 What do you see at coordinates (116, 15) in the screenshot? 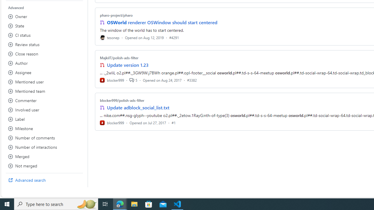
I see `'pharo-project/pharo'` at bounding box center [116, 15].